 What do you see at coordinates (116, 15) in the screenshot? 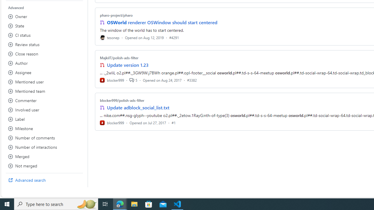
I see `'pharo-project/pharo'` at bounding box center [116, 15].